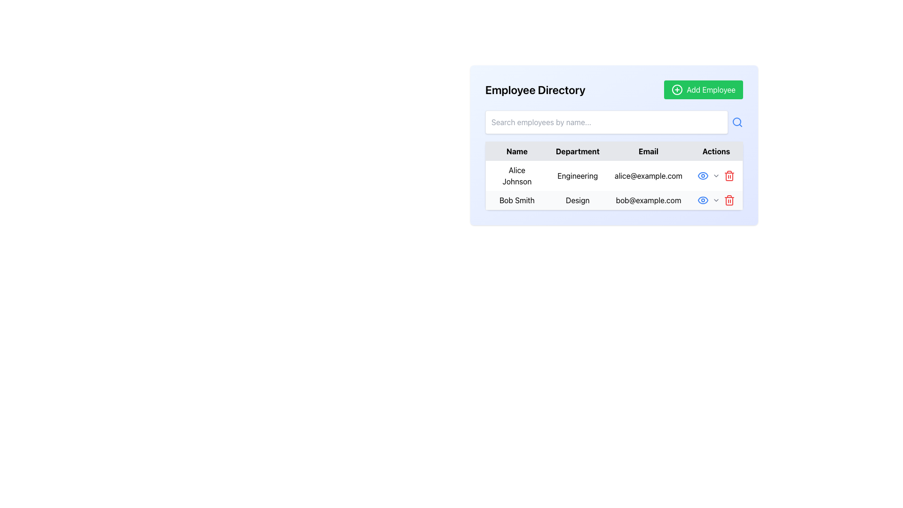 This screenshot has width=903, height=508. What do you see at coordinates (648, 151) in the screenshot?
I see `the 'Email' text label, which is the third column header in the table, located on a light-gray horizontal bar` at bounding box center [648, 151].